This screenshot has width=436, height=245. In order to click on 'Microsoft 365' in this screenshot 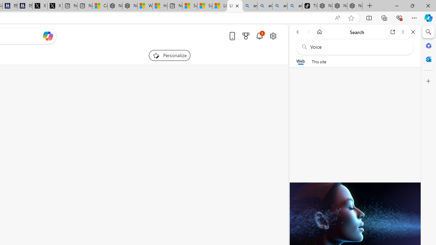, I will do `click(428, 45)`.